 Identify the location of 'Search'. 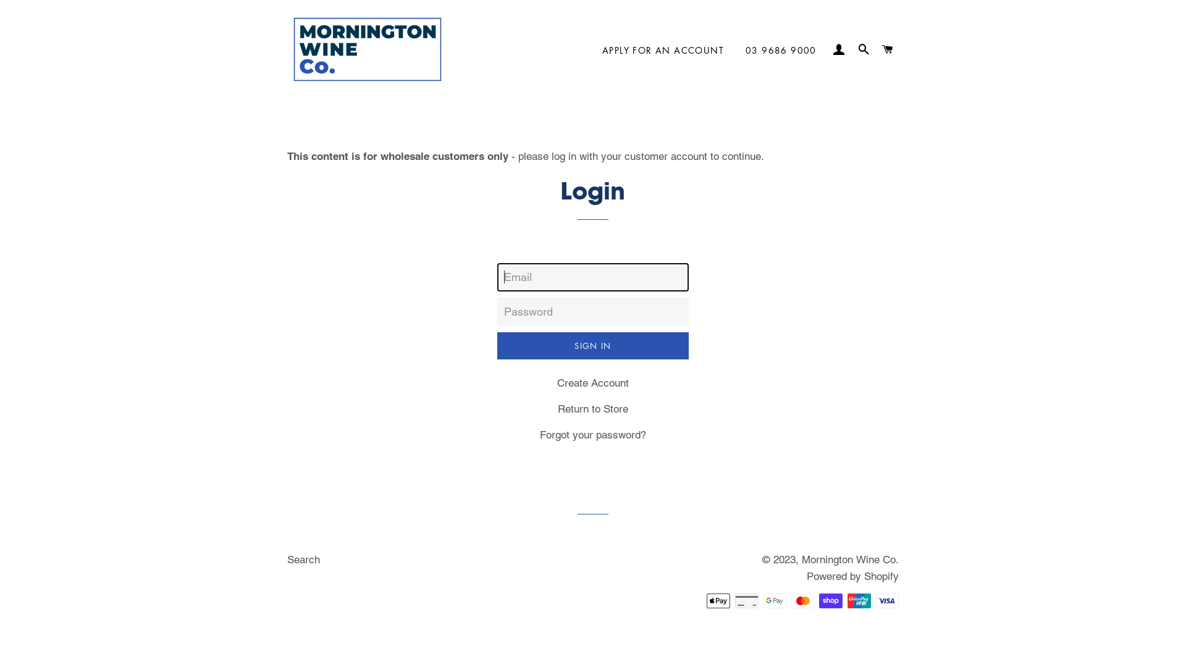
(303, 560).